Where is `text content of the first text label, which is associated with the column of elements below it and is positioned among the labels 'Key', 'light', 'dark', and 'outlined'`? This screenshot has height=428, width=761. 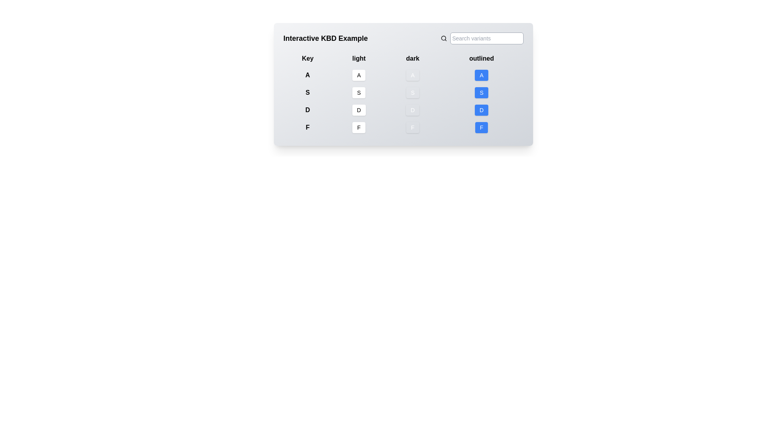 text content of the first text label, which is associated with the column of elements below it and is positioned among the labels 'Key', 'light', 'dark', and 'outlined' is located at coordinates (307, 58).